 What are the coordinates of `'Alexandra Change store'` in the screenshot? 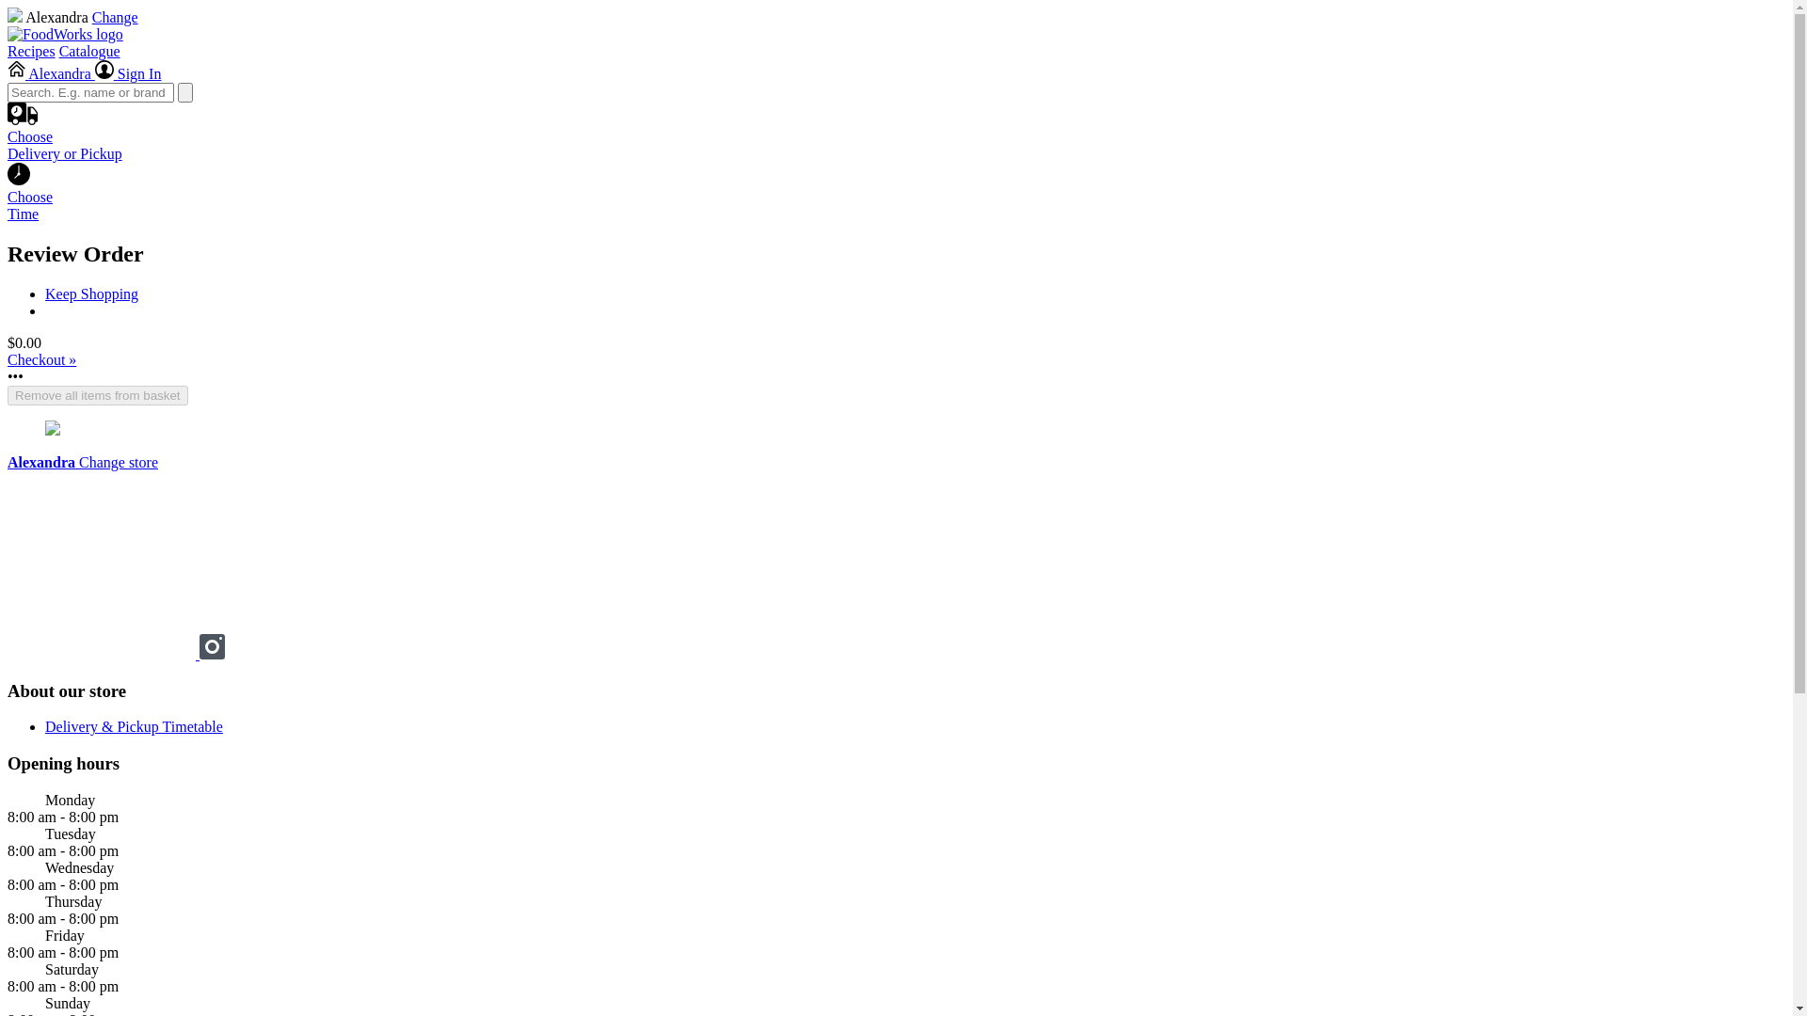 It's located at (8, 462).